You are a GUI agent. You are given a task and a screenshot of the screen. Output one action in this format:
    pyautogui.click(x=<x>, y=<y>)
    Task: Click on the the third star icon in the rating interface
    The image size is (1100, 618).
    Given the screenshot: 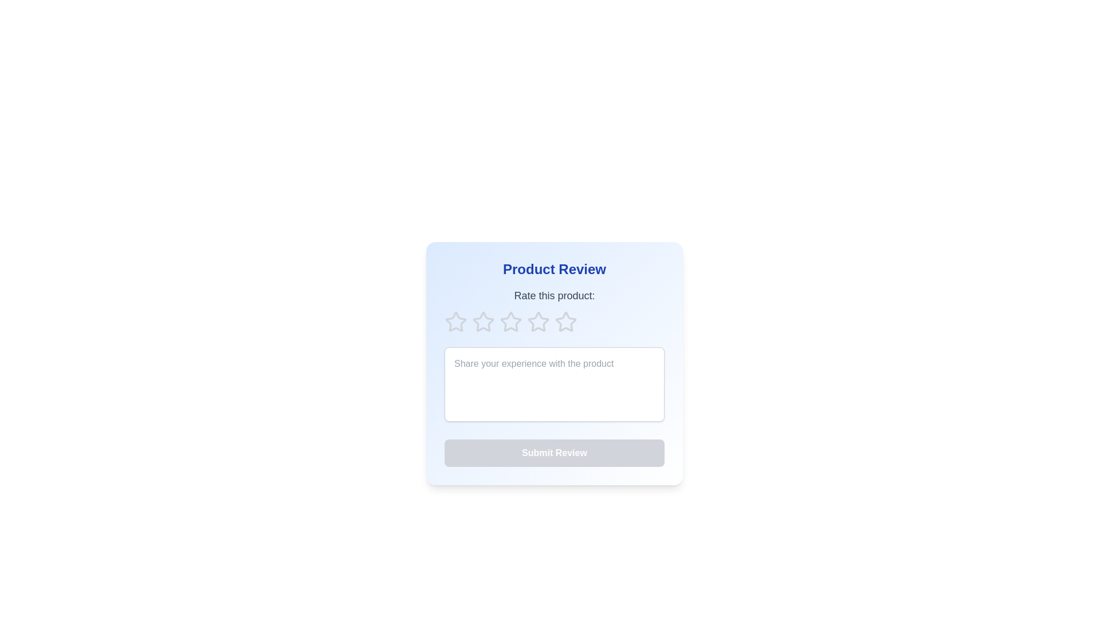 What is the action you would take?
    pyautogui.click(x=538, y=322)
    